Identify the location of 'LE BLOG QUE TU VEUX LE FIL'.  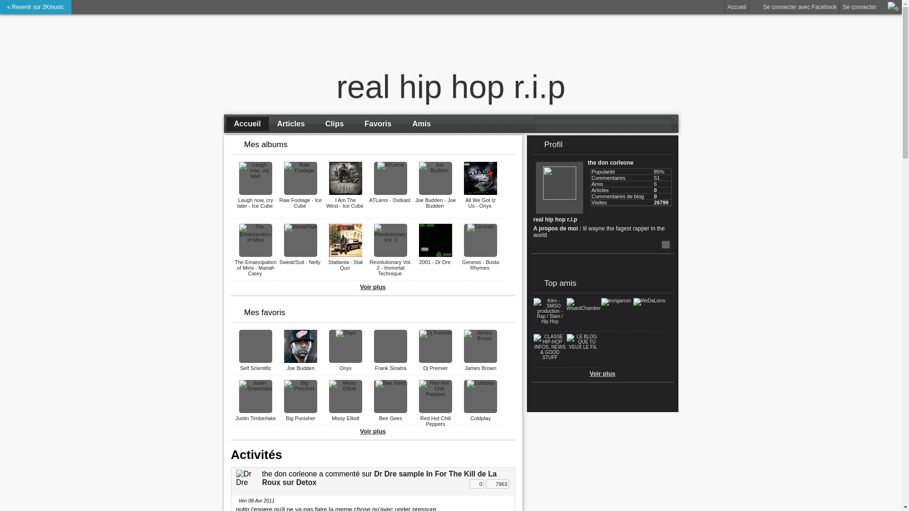
(582, 347).